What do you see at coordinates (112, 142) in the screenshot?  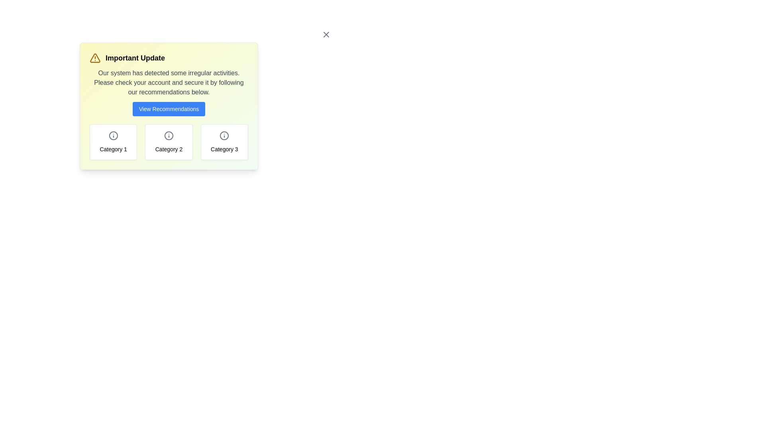 I see `the category box labeled Category 1` at bounding box center [112, 142].